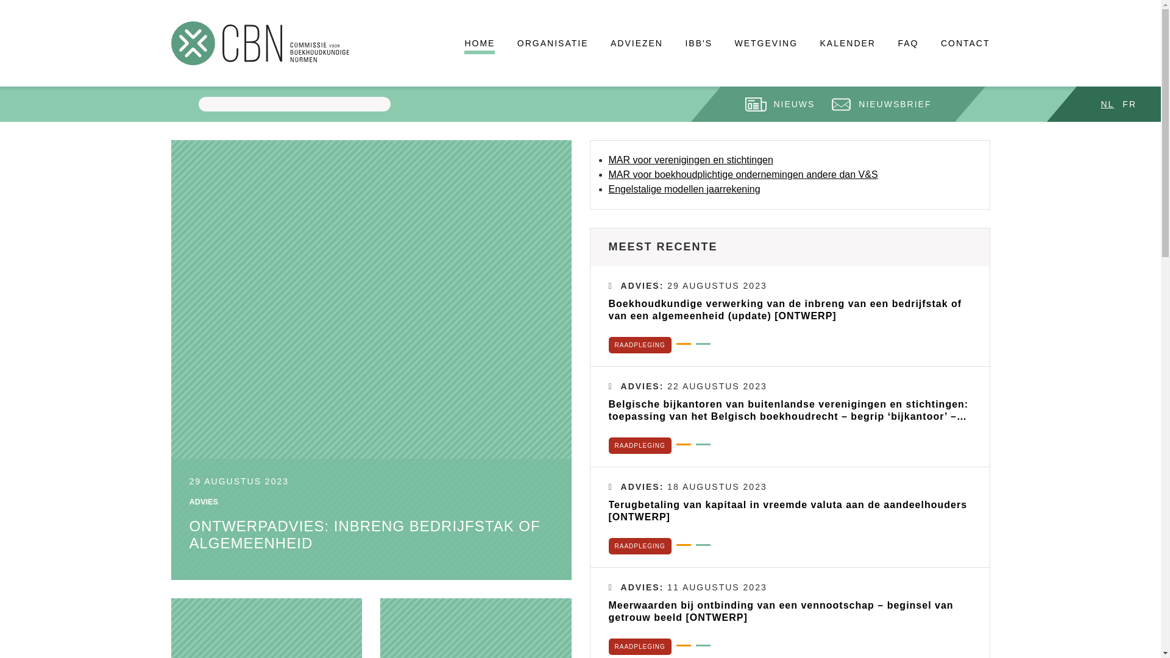  I want to click on 'FAQ', so click(907, 44).